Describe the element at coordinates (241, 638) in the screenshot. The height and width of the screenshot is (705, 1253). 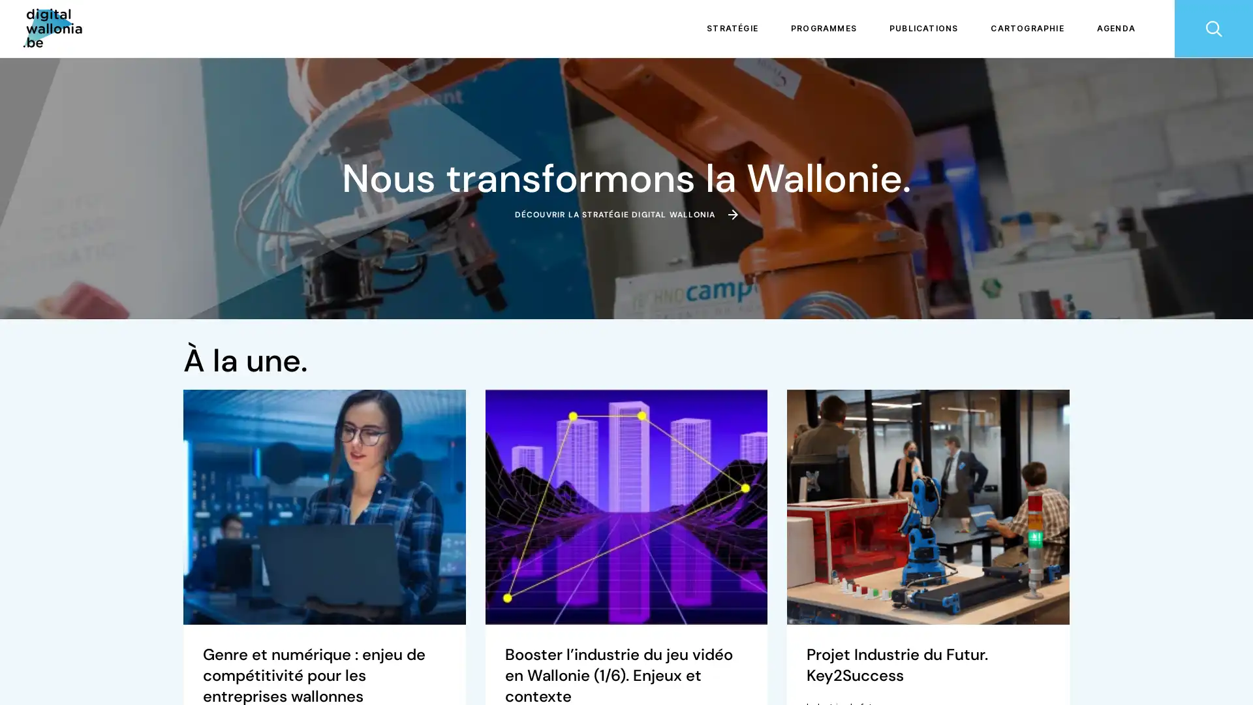
I see `OK pour moi` at that location.